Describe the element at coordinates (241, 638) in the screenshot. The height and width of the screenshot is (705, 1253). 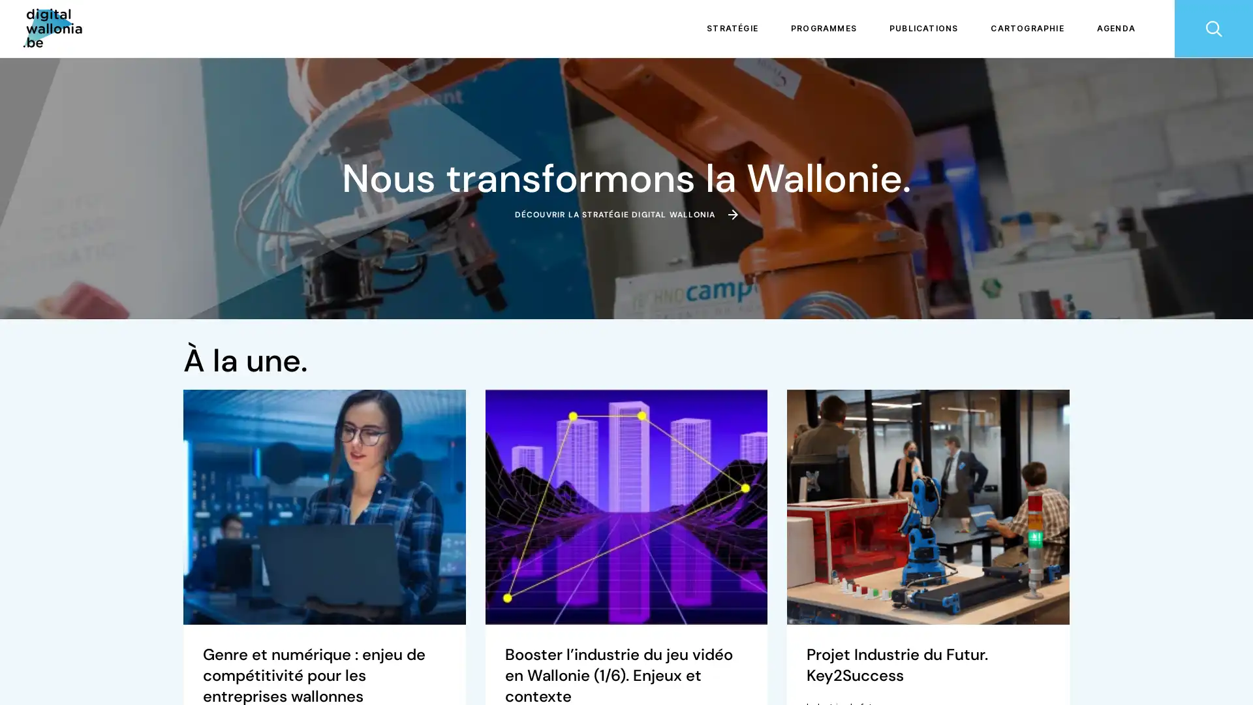
I see `OK pour moi` at that location.